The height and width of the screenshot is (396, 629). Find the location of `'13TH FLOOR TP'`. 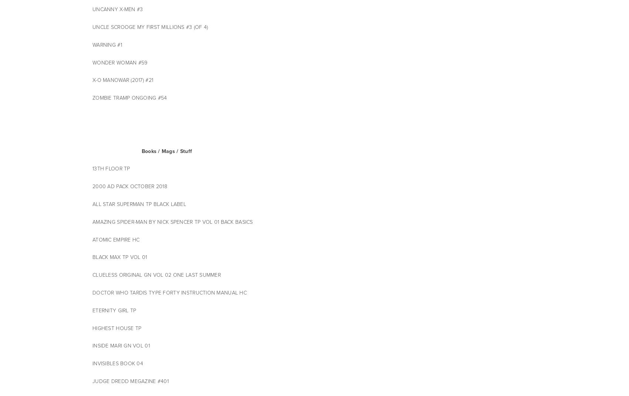

'13TH FLOOR TP' is located at coordinates (112, 168).